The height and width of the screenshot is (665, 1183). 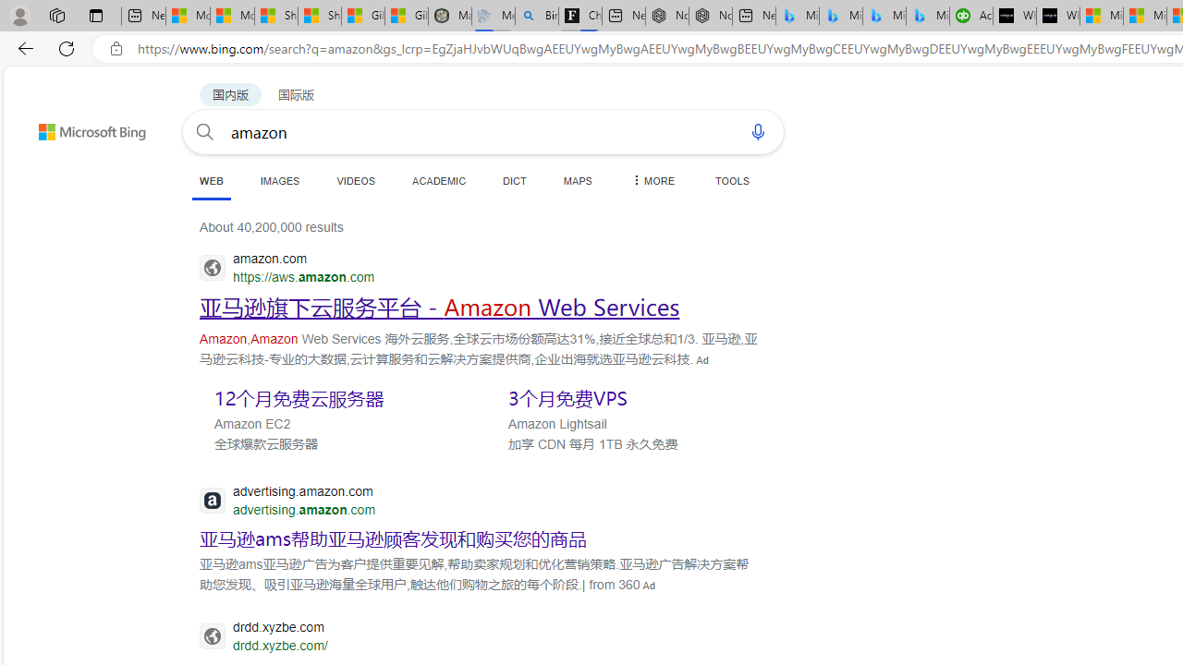 What do you see at coordinates (536, 16) in the screenshot?
I see `'Bing Real Estate - Home sales and rental listings'` at bounding box center [536, 16].